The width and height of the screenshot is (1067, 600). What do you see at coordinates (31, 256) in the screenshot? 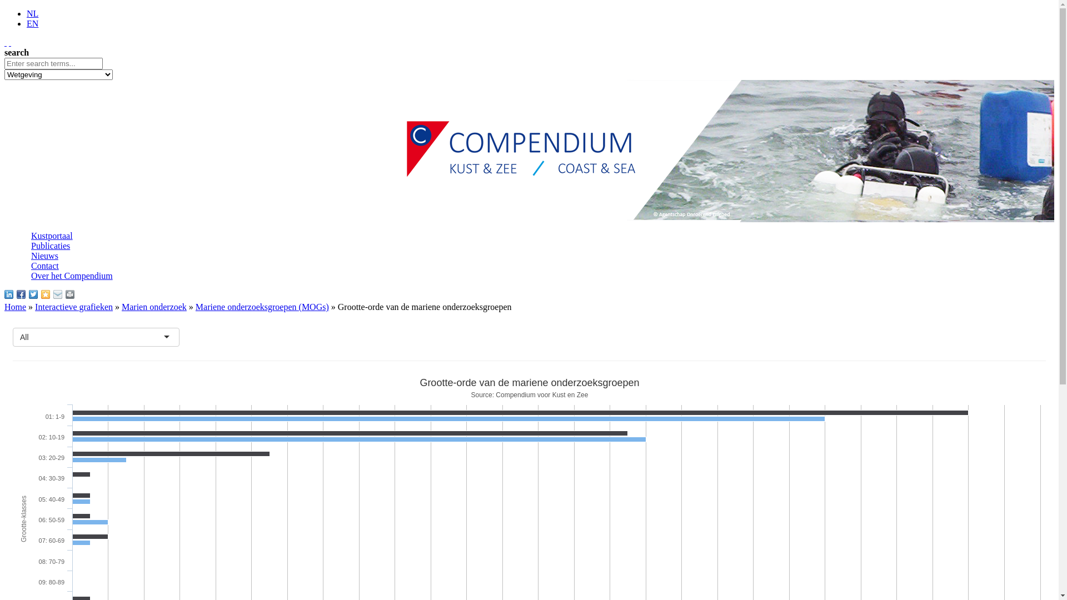
I see `'Nieuws'` at bounding box center [31, 256].